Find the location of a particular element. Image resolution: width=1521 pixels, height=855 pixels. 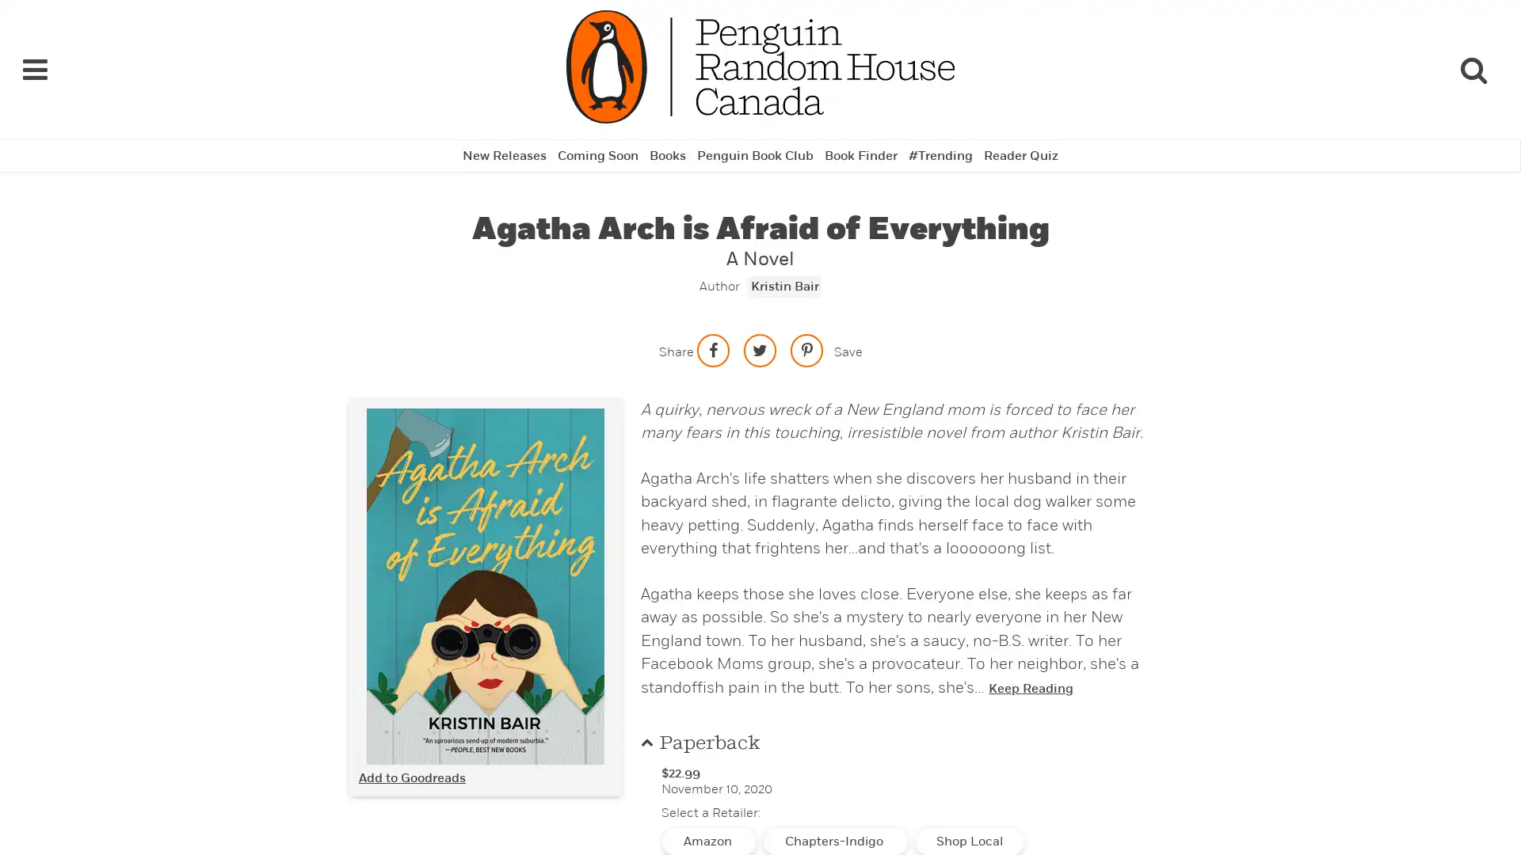

Share on twitter is located at coordinates (759, 297).